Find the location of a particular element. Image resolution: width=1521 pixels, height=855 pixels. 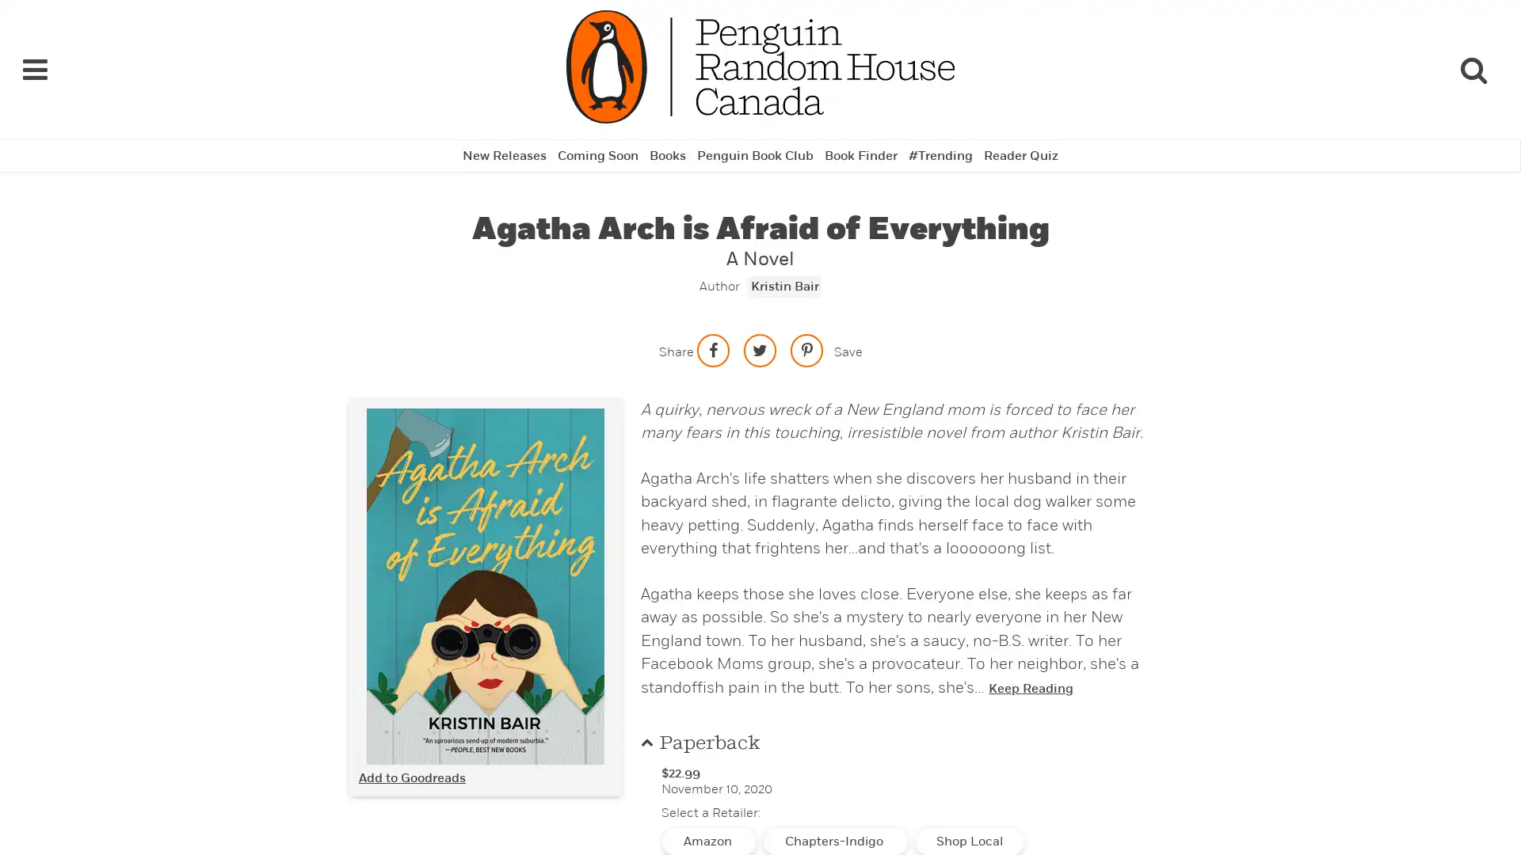

Share on twitter is located at coordinates (759, 297).